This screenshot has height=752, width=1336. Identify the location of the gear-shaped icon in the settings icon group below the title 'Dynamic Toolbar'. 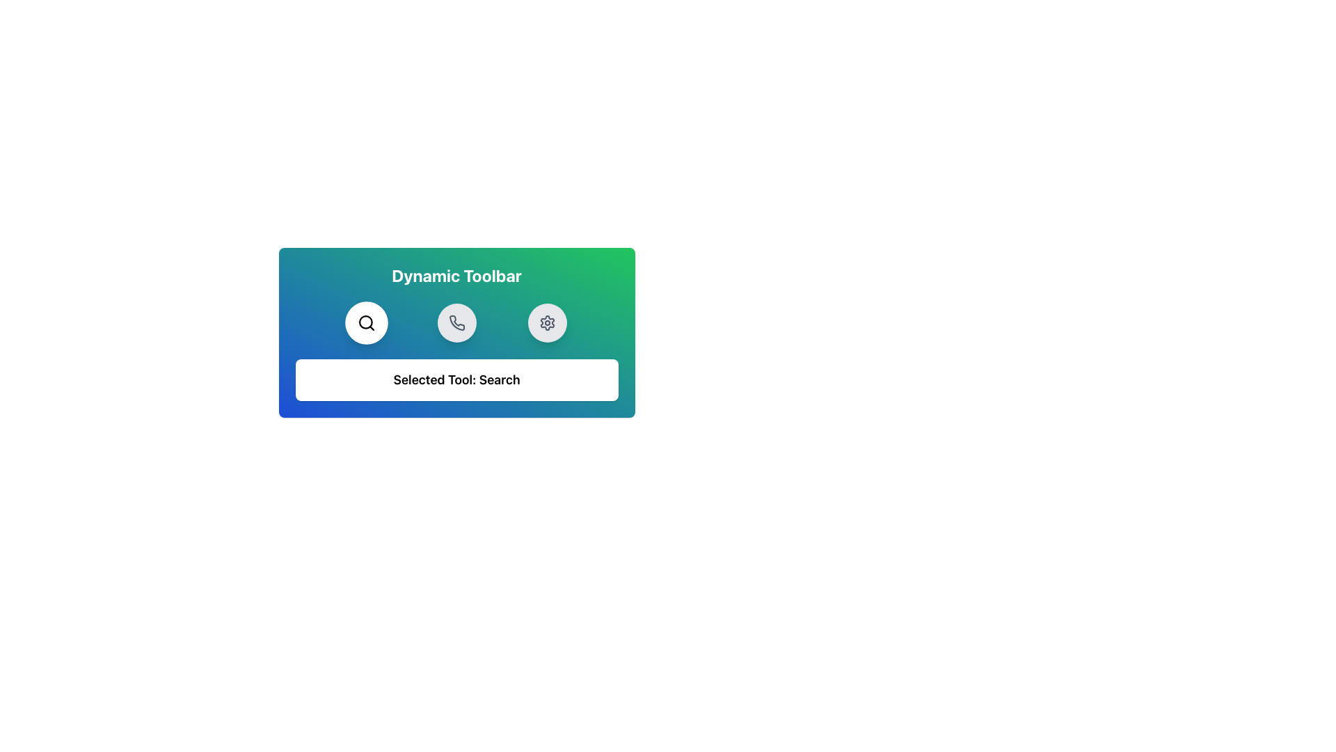
(546, 322).